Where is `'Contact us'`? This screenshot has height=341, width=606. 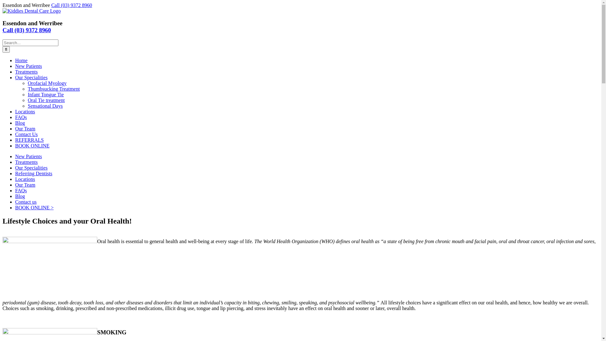
'Contact us' is located at coordinates (25, 202).